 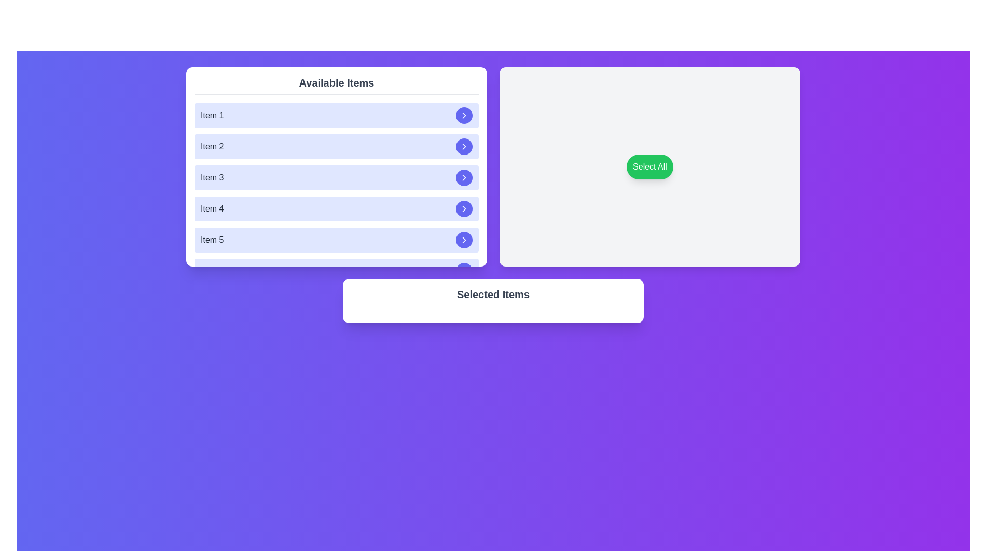 What do you see at coordinates (212, 146) in the screenshot?
I see `the static Text label displaying 'Item 2' in the second row of the 'Available Items' list` at bounding box center [212, 146].